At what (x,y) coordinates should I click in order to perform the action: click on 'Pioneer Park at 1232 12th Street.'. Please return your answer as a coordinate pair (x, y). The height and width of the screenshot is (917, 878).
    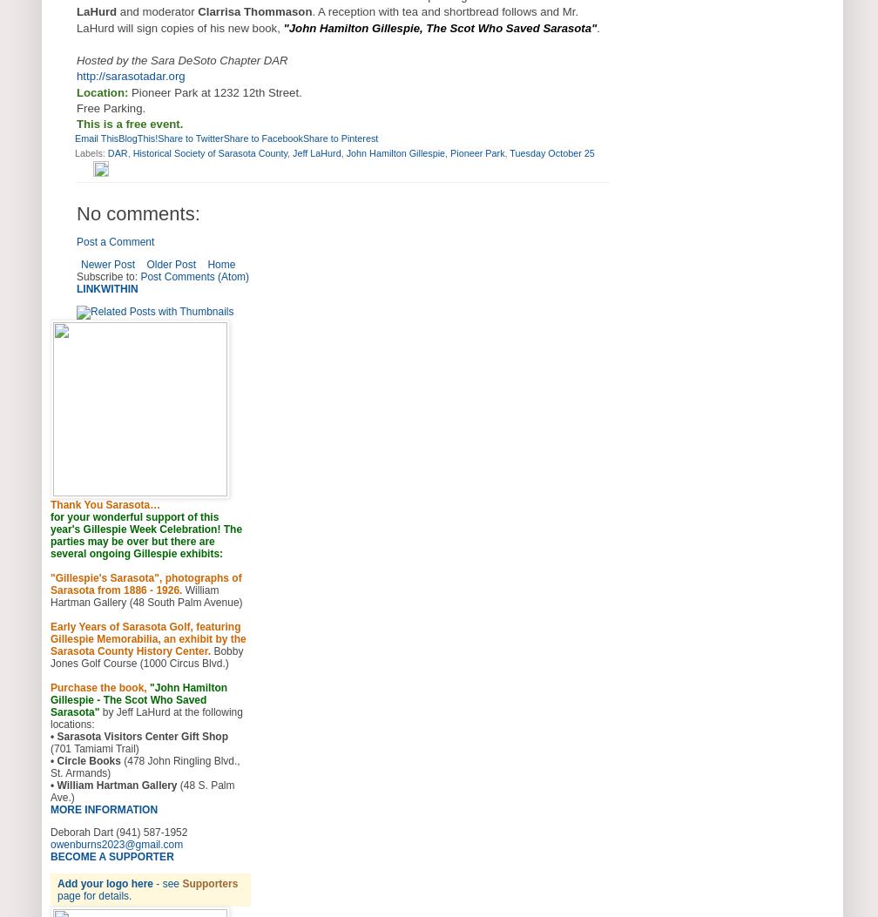
    Looking at the image, I should click on (214, 91).